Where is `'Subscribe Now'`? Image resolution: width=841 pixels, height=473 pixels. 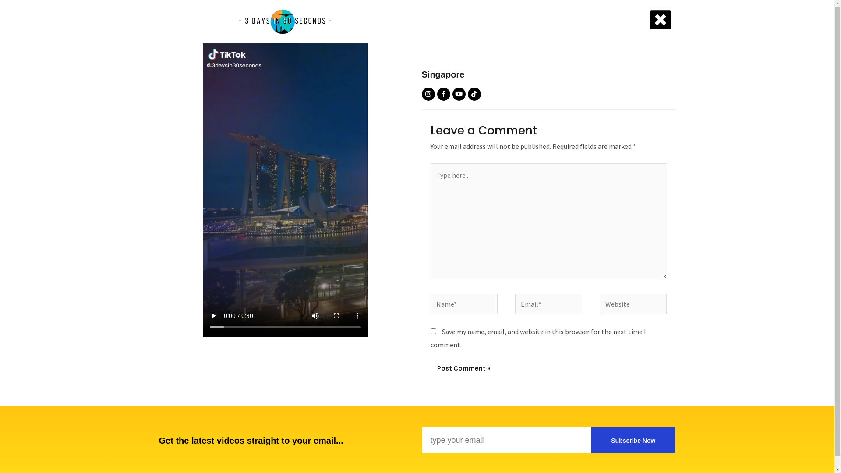 'Subscribe Now' is located at coordinates (633, 440).